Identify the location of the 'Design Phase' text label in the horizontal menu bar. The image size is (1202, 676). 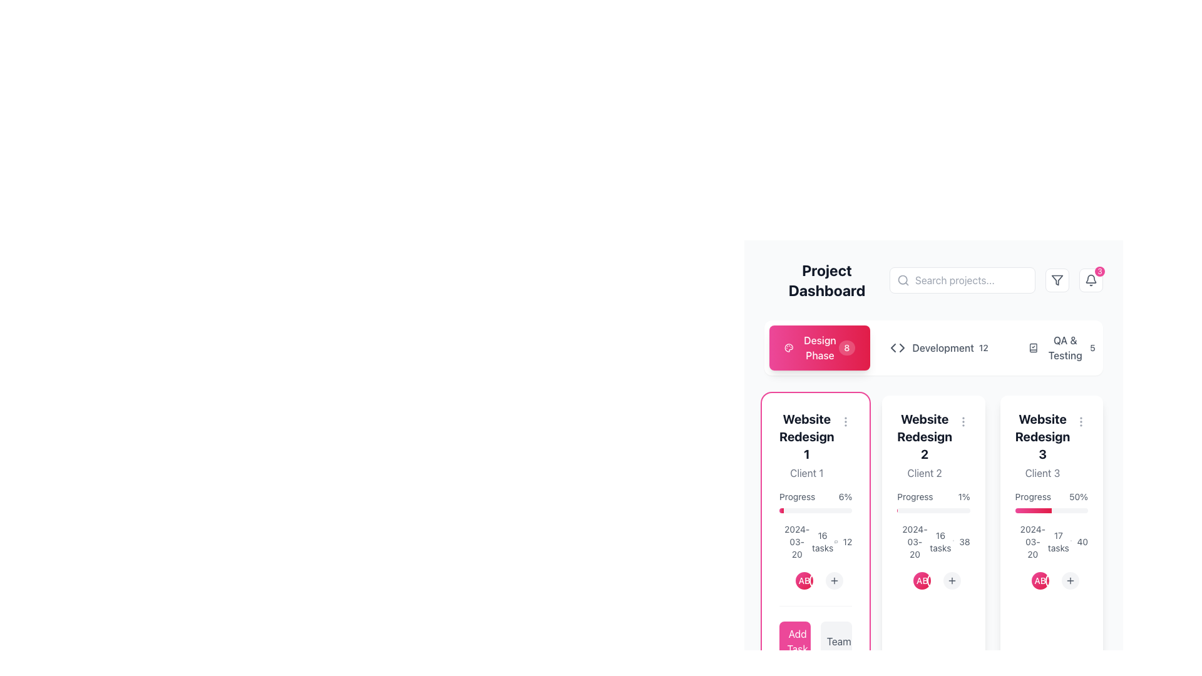
(820, 347).